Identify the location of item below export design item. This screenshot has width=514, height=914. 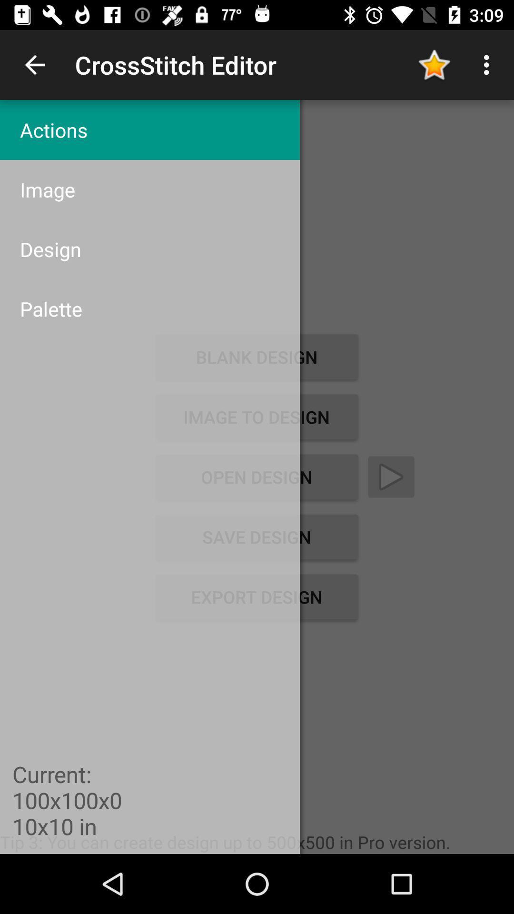
(225, 842).